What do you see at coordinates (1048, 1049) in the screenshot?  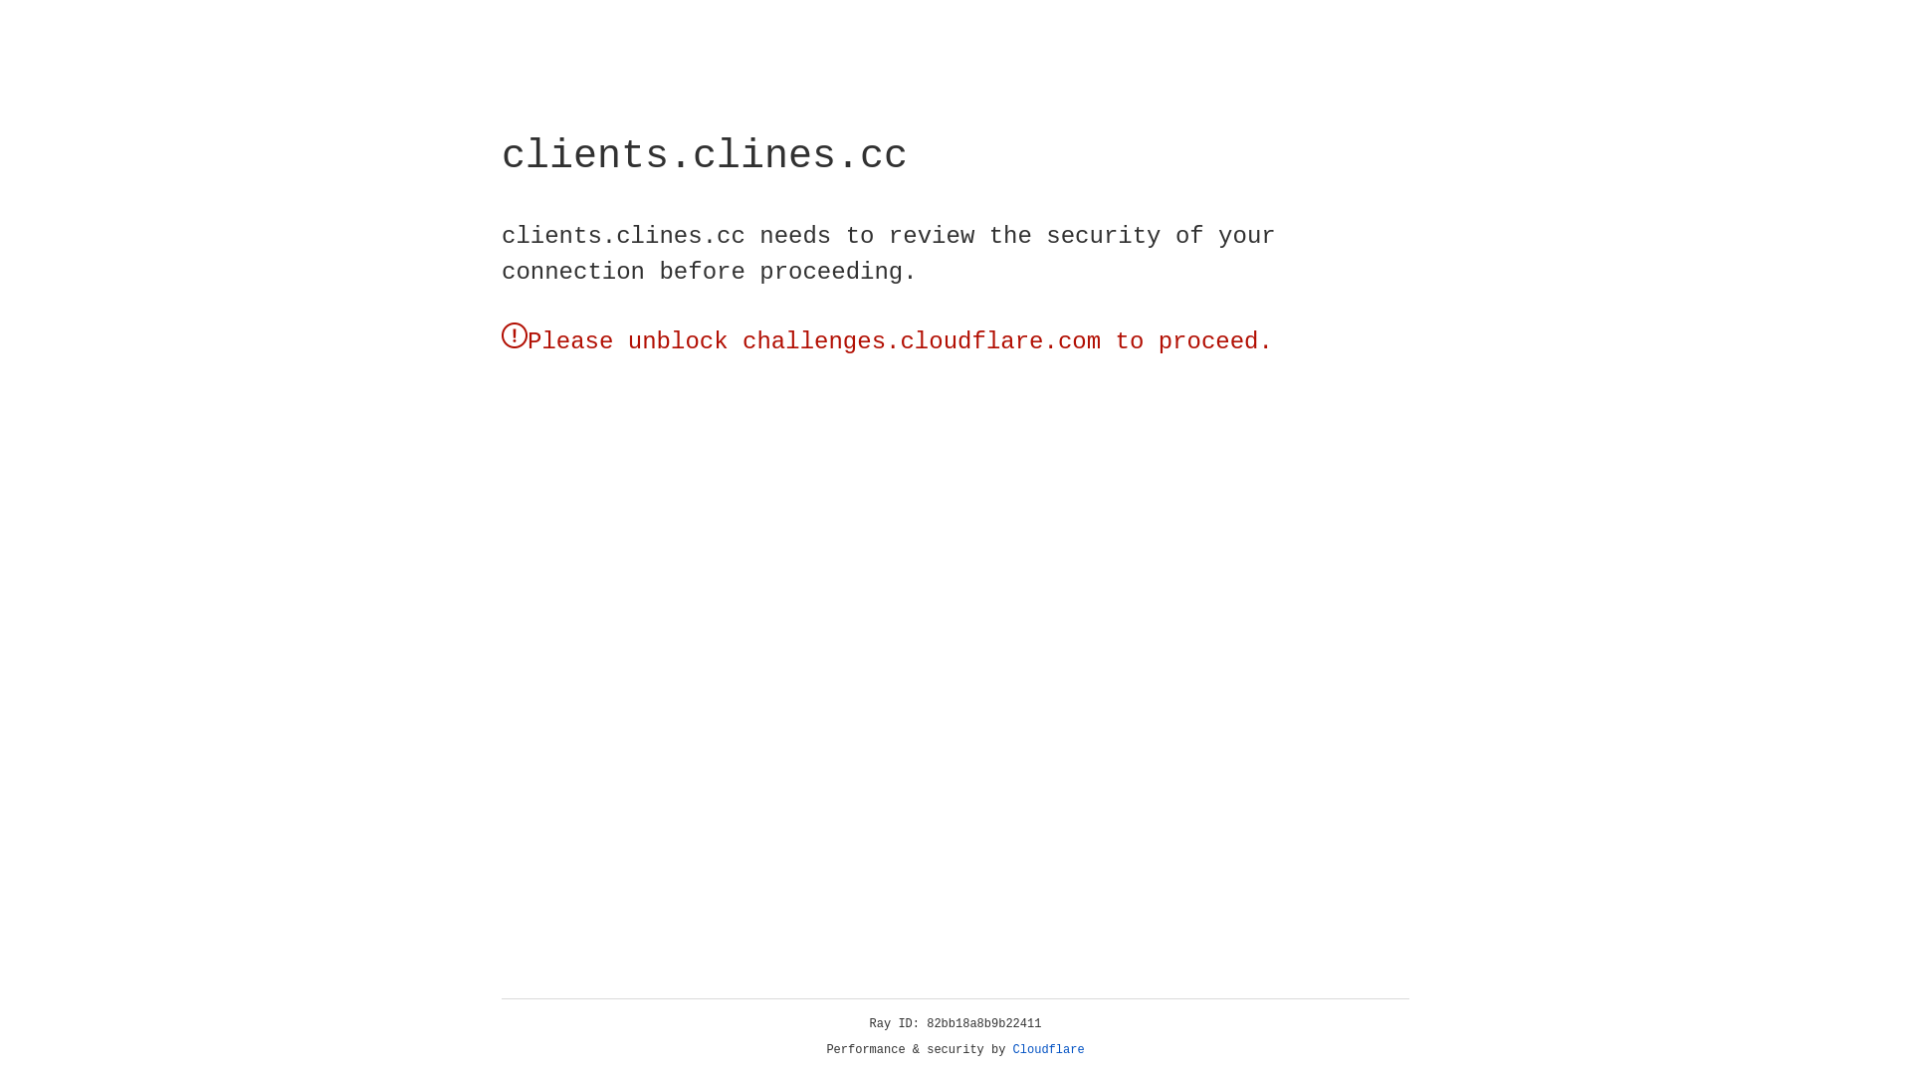 I see `'Cloudflare'` at bounding box center [1048, 1049].